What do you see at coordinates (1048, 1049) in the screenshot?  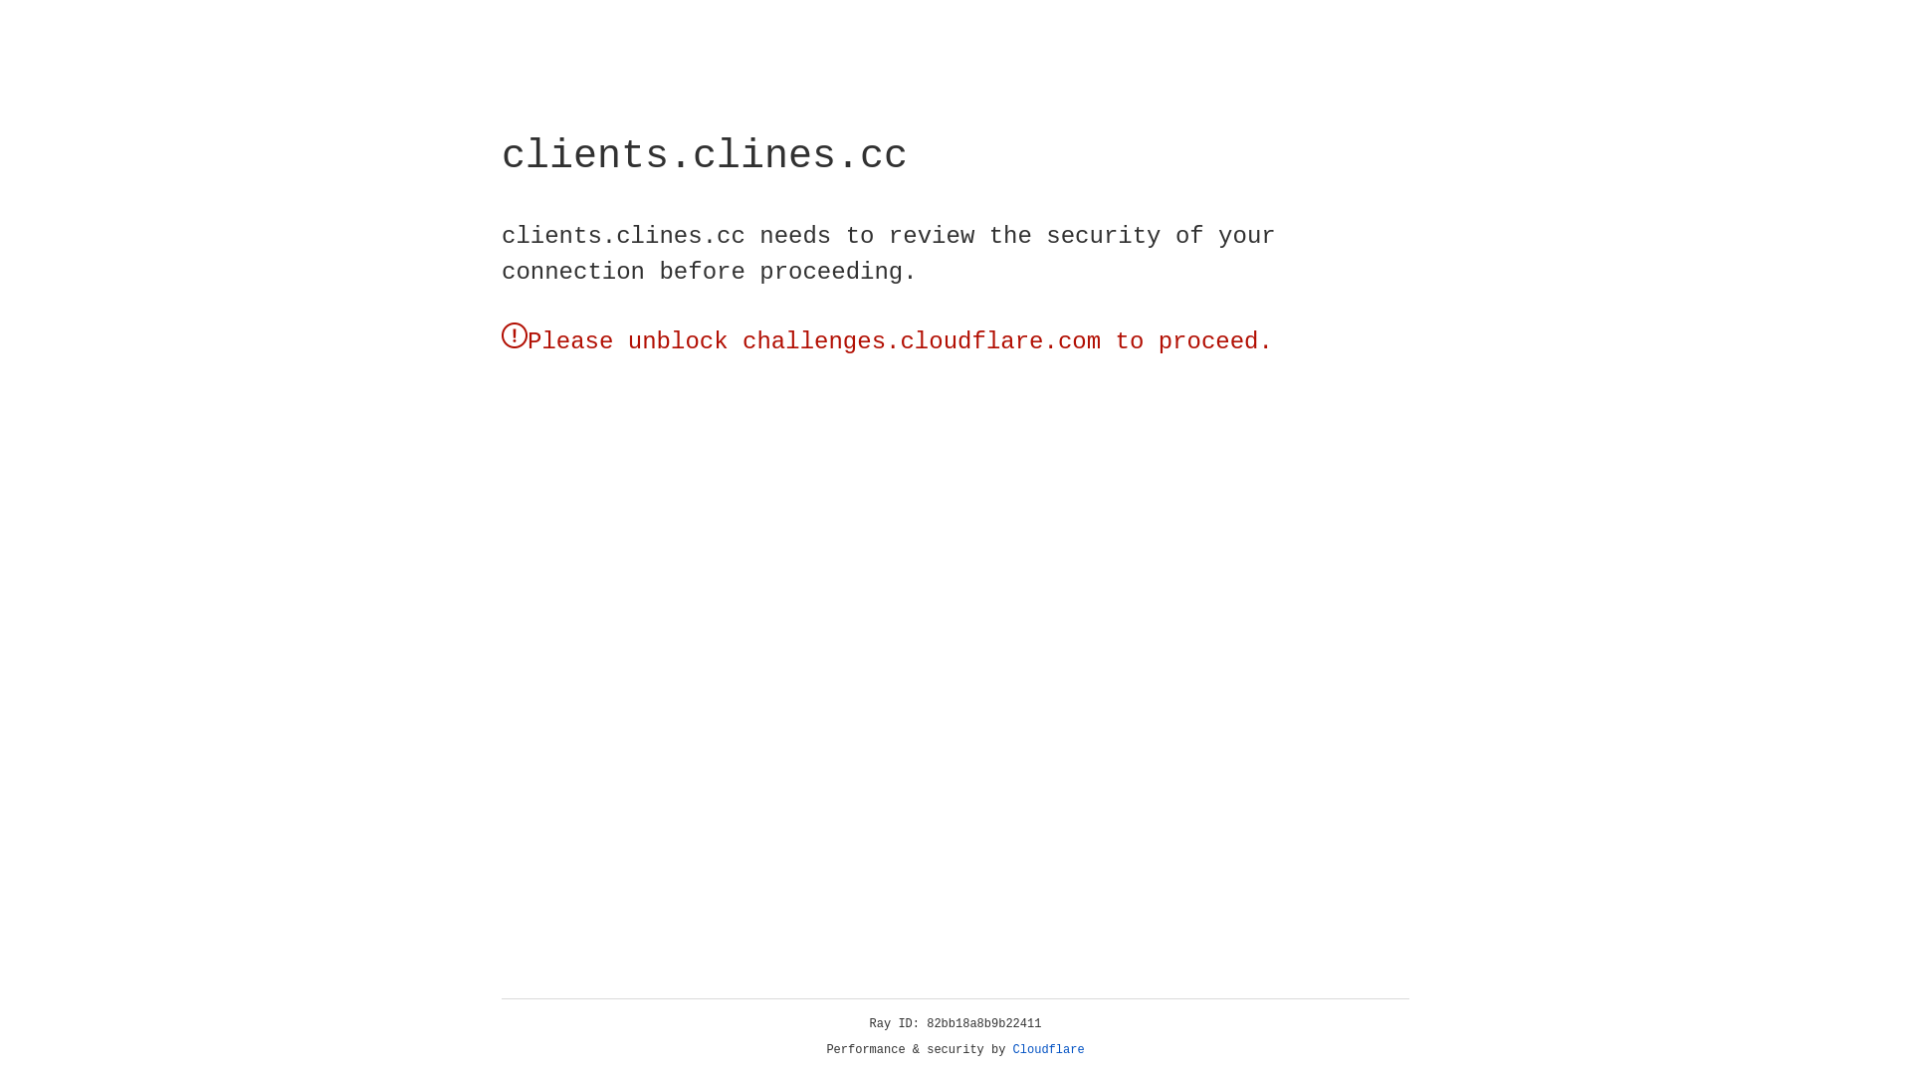 I see `'Cloudflare'` at bounding box center [1048, 1049].